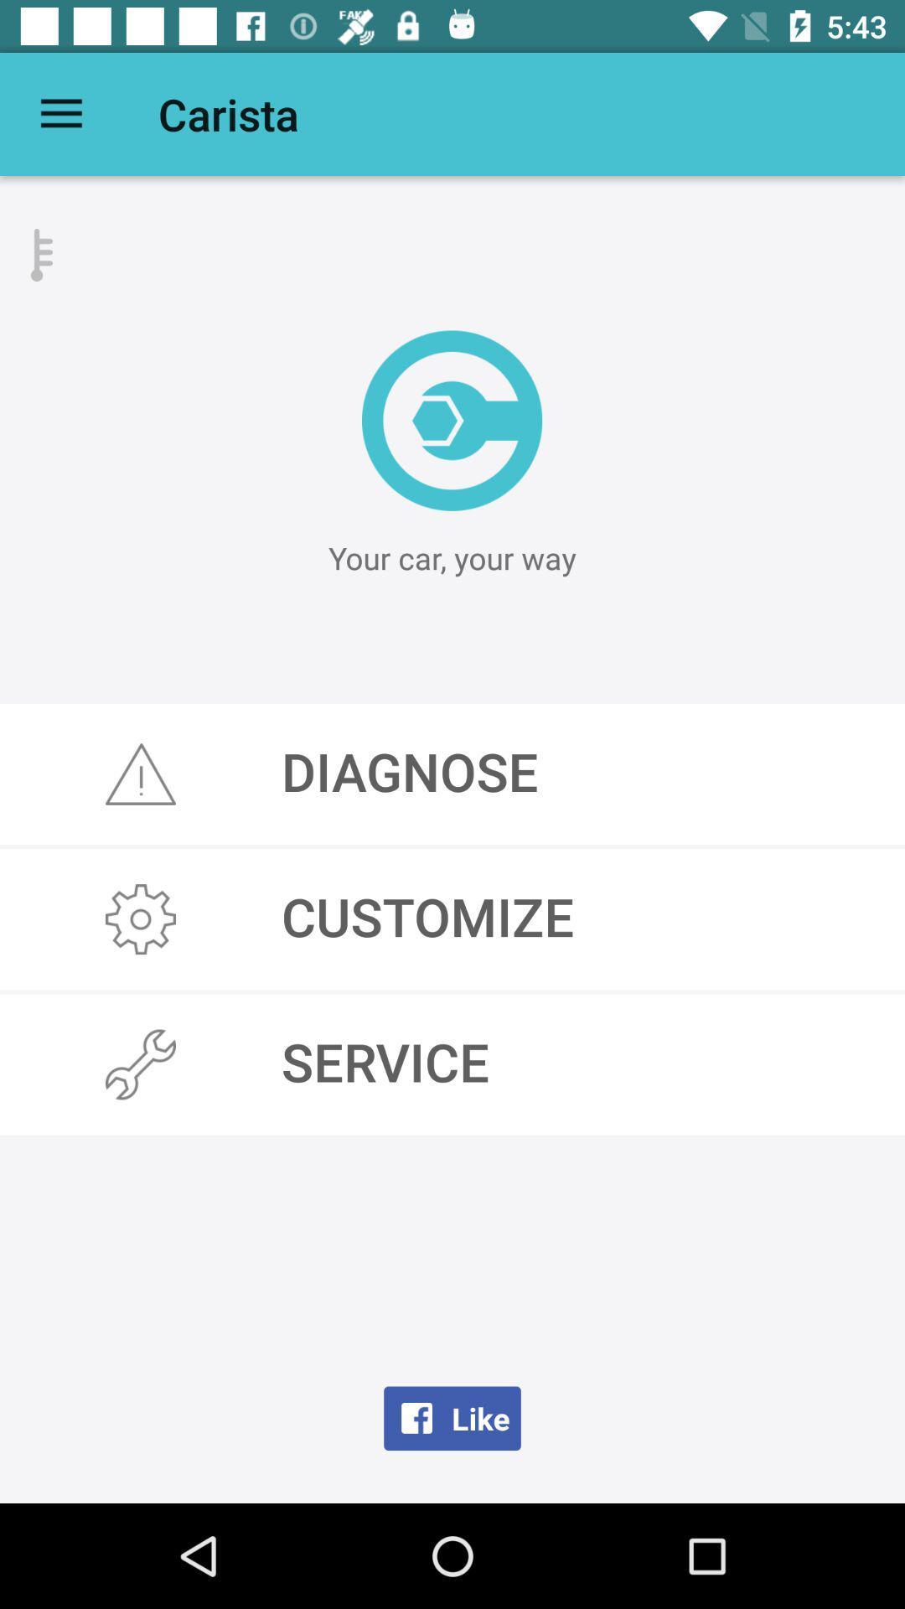 This screenshot has height=1609, width=905. What do you see at coordinates (452, 918) in the screenshot?
I see `item below the diagnose item` at bounding box center [452, 918].